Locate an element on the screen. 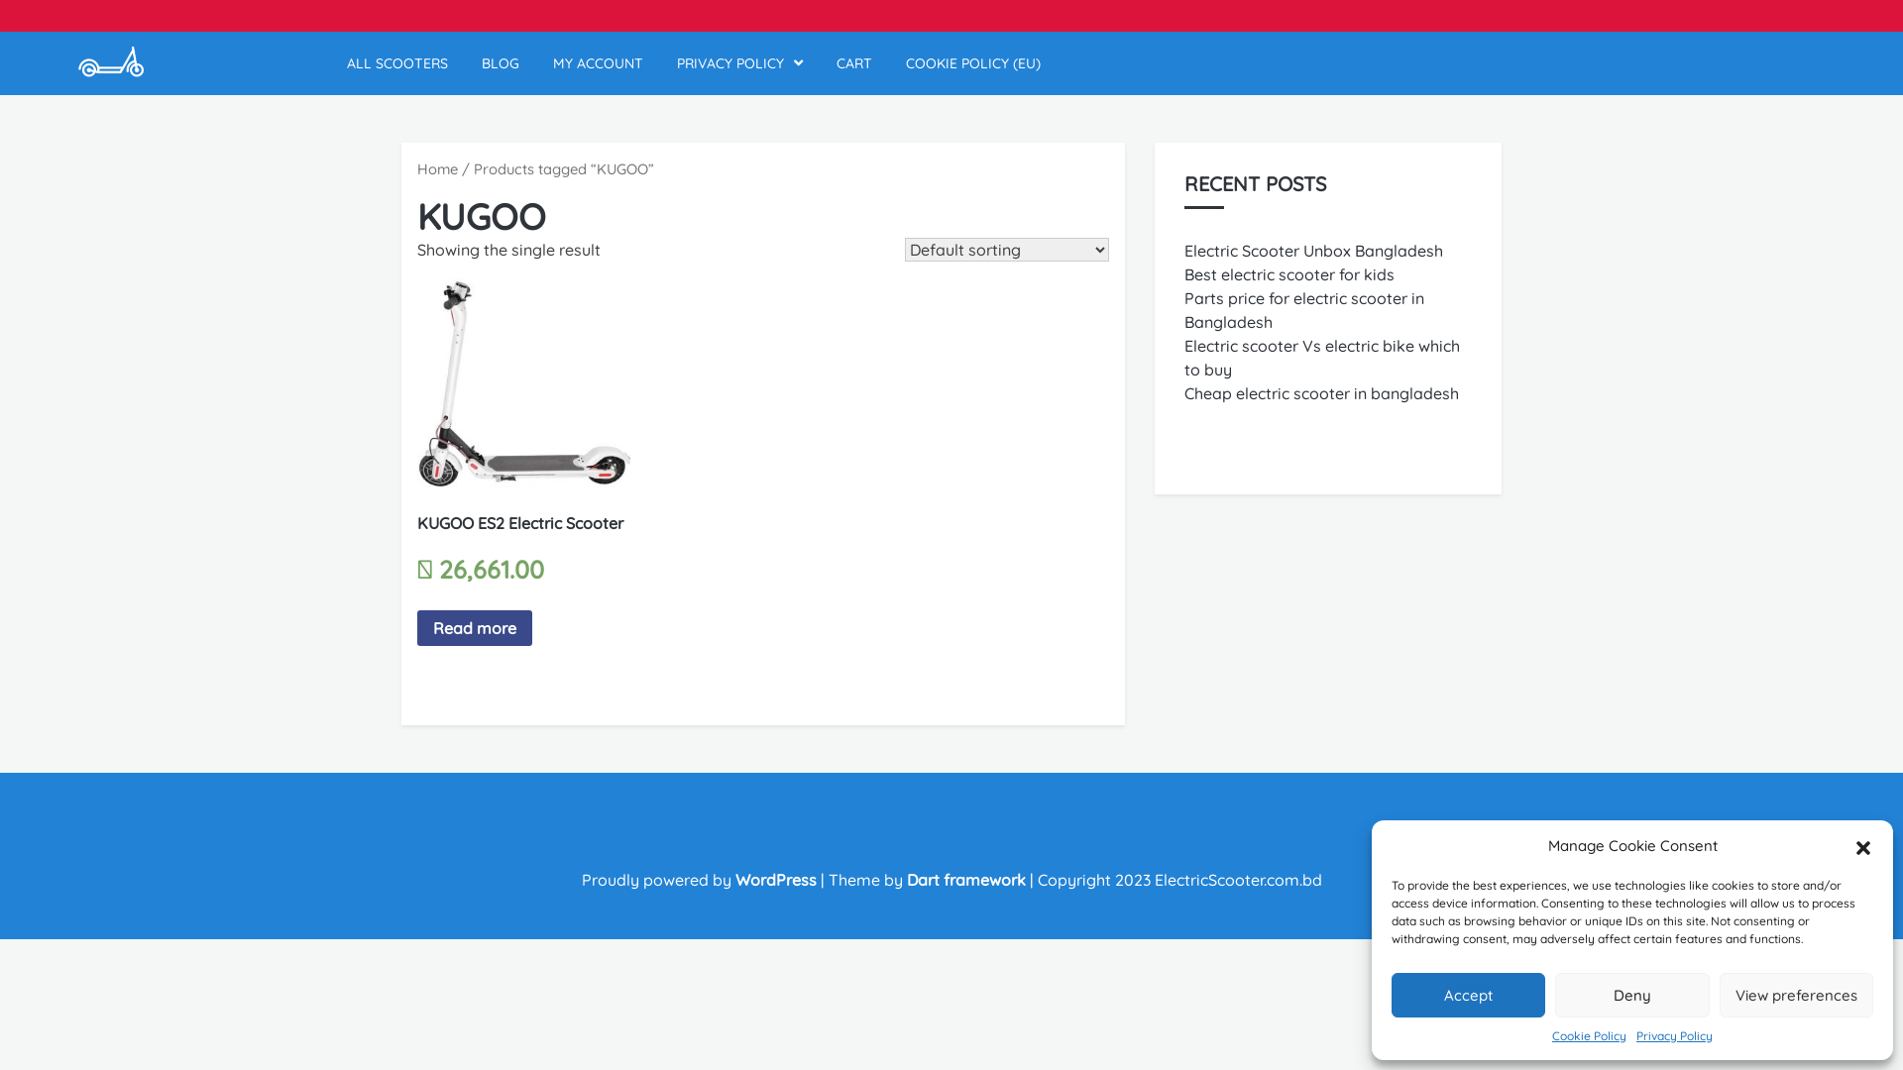 The height and width of the screenshot is (1070, 1903). 'BLOG' is located at coordinates (500, 62).